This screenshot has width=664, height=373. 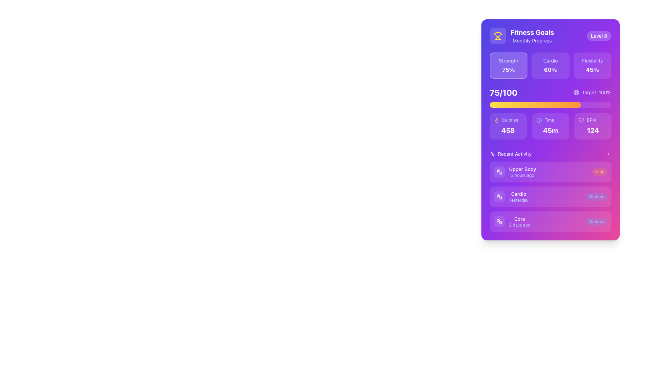 What do you see at coordinates (499, 197) in the screenshot?
I see `the SVG icon representing the 'Cardio' activity located in the second row of the 'Recent Activity' section on the purple card interface` at bounding box center [499, 197].